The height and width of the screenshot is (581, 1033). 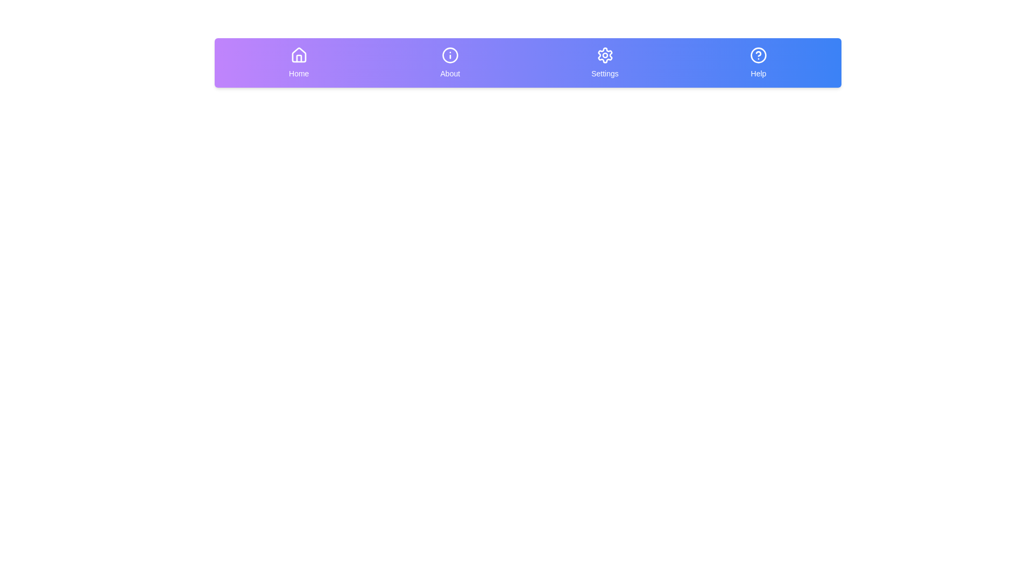 I want to click on the 'Home' icon in the top navigation menu, which is the first button from the left and is associated with the text 'Home', so click(x=299, y=55).